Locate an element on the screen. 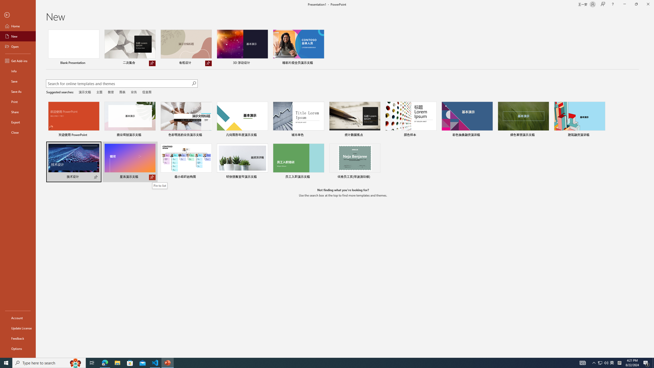 This screenshot has width=654, height=368. 'Feedback' is located at coordinates (18, 338).